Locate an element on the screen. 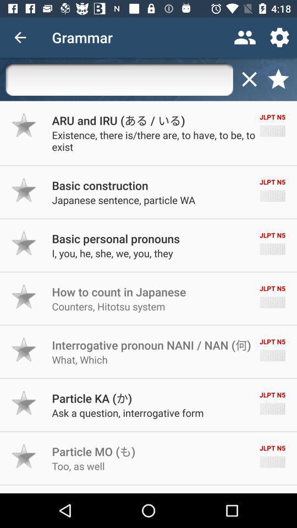 The width and height of the screenshot is (297, 528). to favorites is located at coordinates (24, 296).